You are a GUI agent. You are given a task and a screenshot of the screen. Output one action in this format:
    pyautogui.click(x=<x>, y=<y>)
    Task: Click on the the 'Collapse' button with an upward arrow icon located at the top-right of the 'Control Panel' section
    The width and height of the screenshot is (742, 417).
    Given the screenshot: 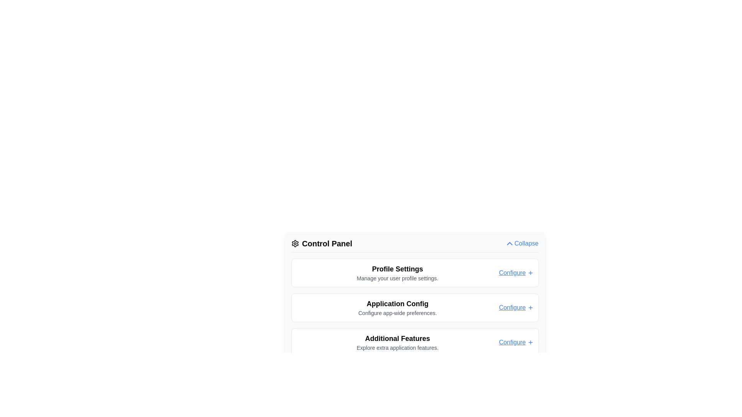 What is the action you would take?
    pyautogui.click(x=521, y=244)
    